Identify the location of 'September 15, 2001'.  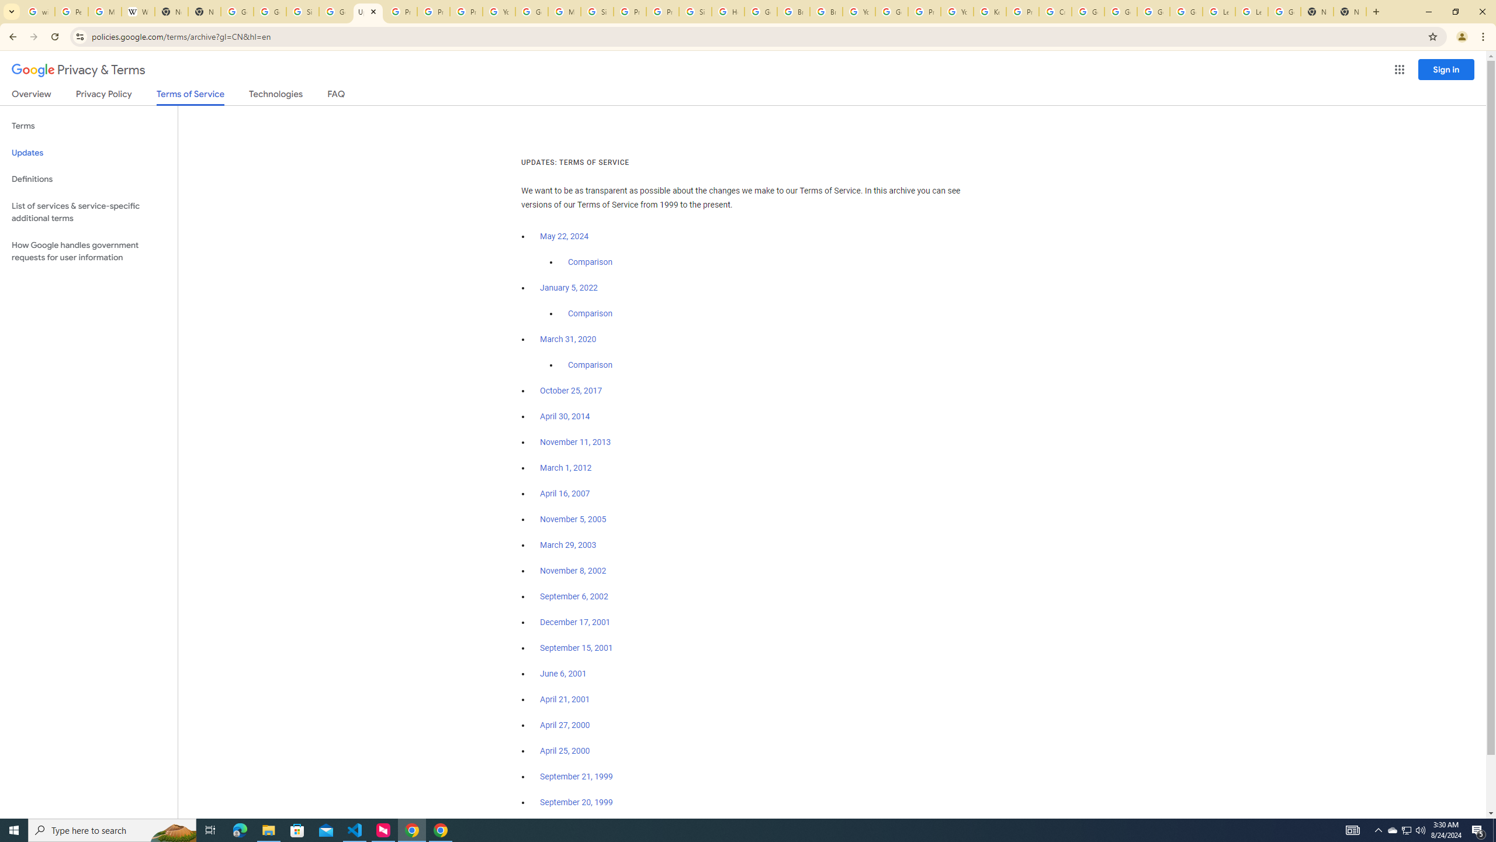
(576, 647).